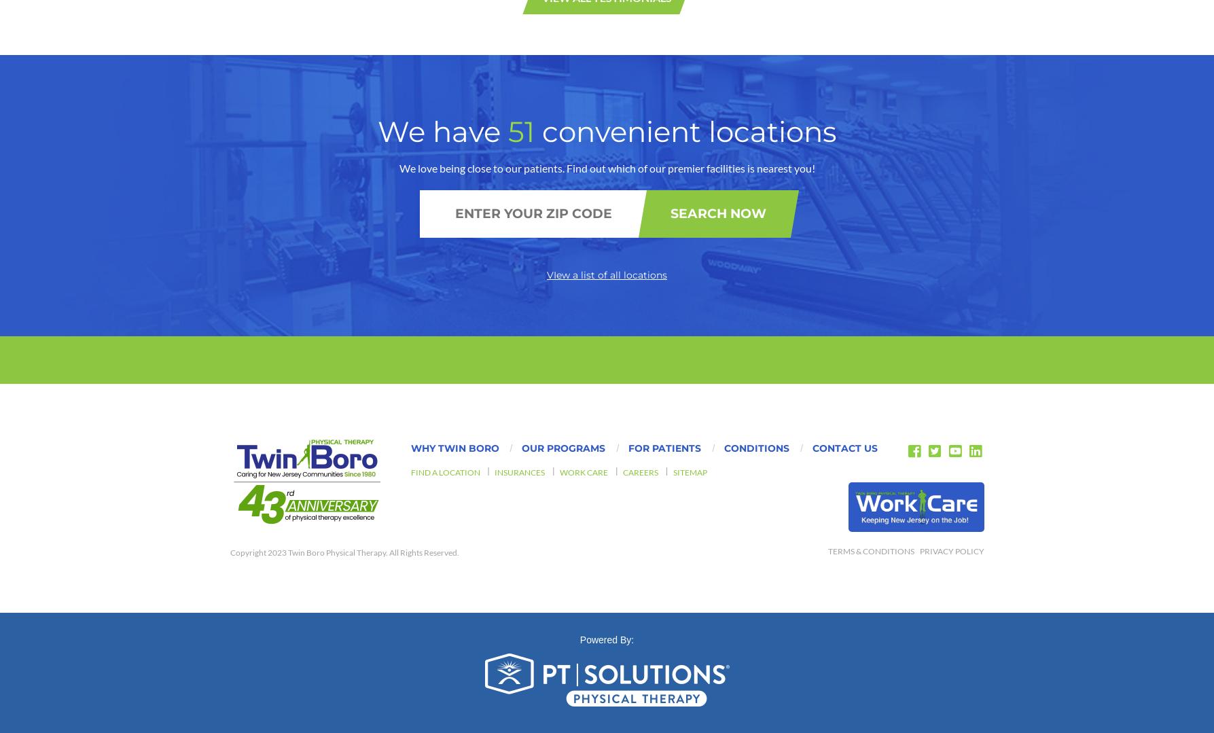 The height and width of the screenshot is (733, 1214). I want to click on 'For Patients', so click(664, 122).